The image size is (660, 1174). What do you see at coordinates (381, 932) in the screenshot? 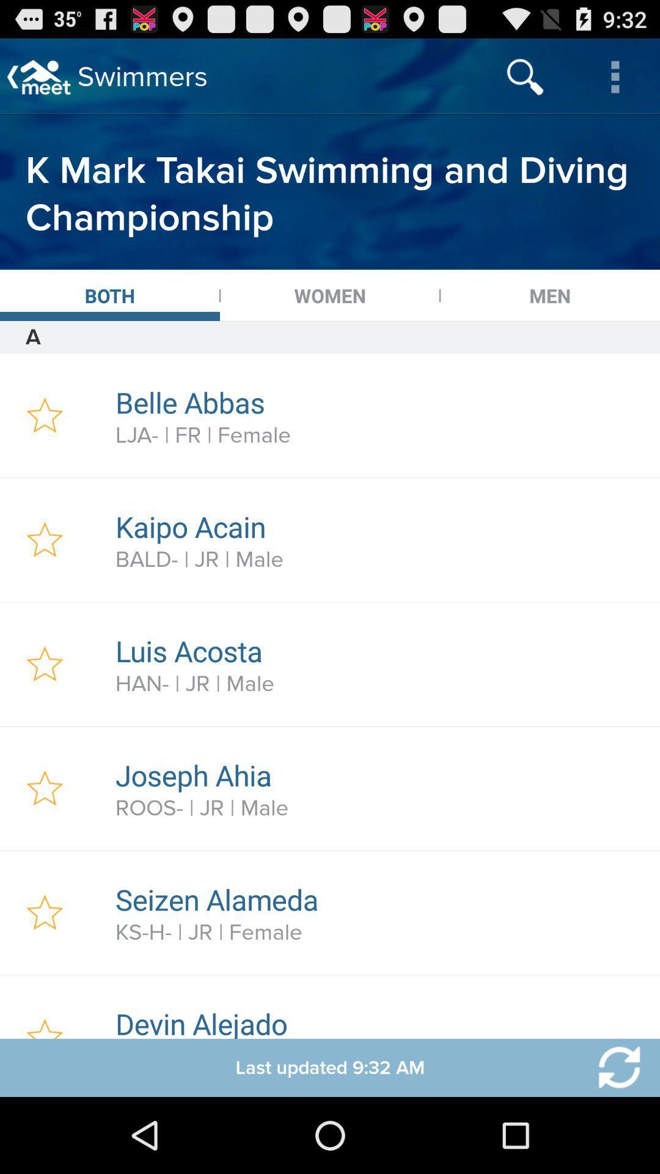
I see `item above devin alejado icon` at bounding box center [381, 932].